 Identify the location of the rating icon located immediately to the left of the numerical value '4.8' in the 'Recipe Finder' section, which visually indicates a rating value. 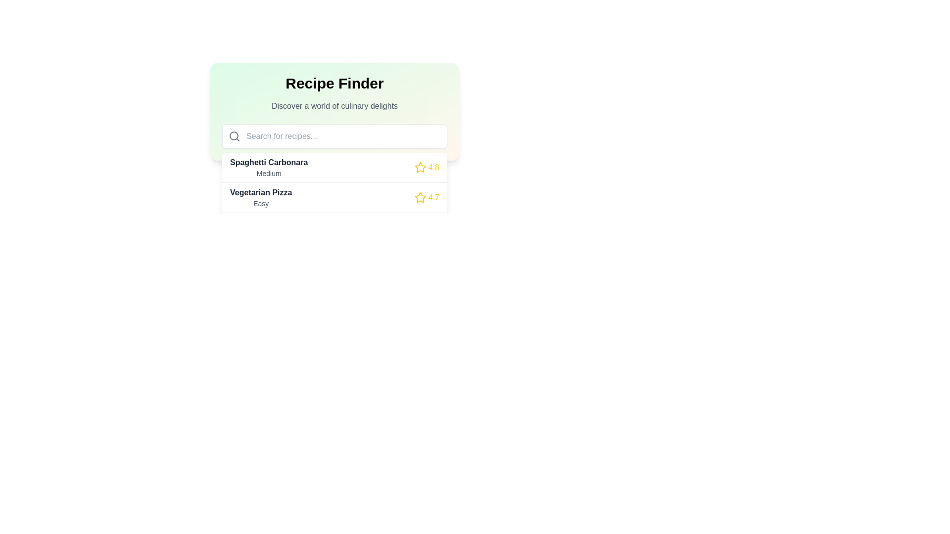
(420, 167).